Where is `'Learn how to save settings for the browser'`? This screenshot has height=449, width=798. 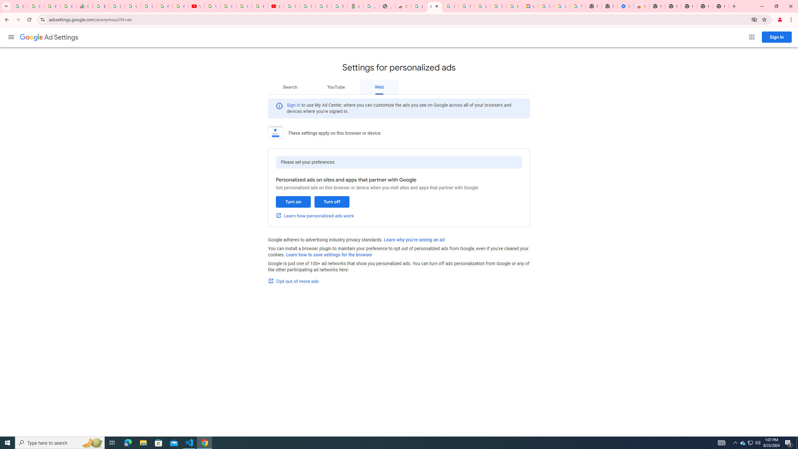 'Learn how to save settings for the browser' is located at coordinates (329, 254).